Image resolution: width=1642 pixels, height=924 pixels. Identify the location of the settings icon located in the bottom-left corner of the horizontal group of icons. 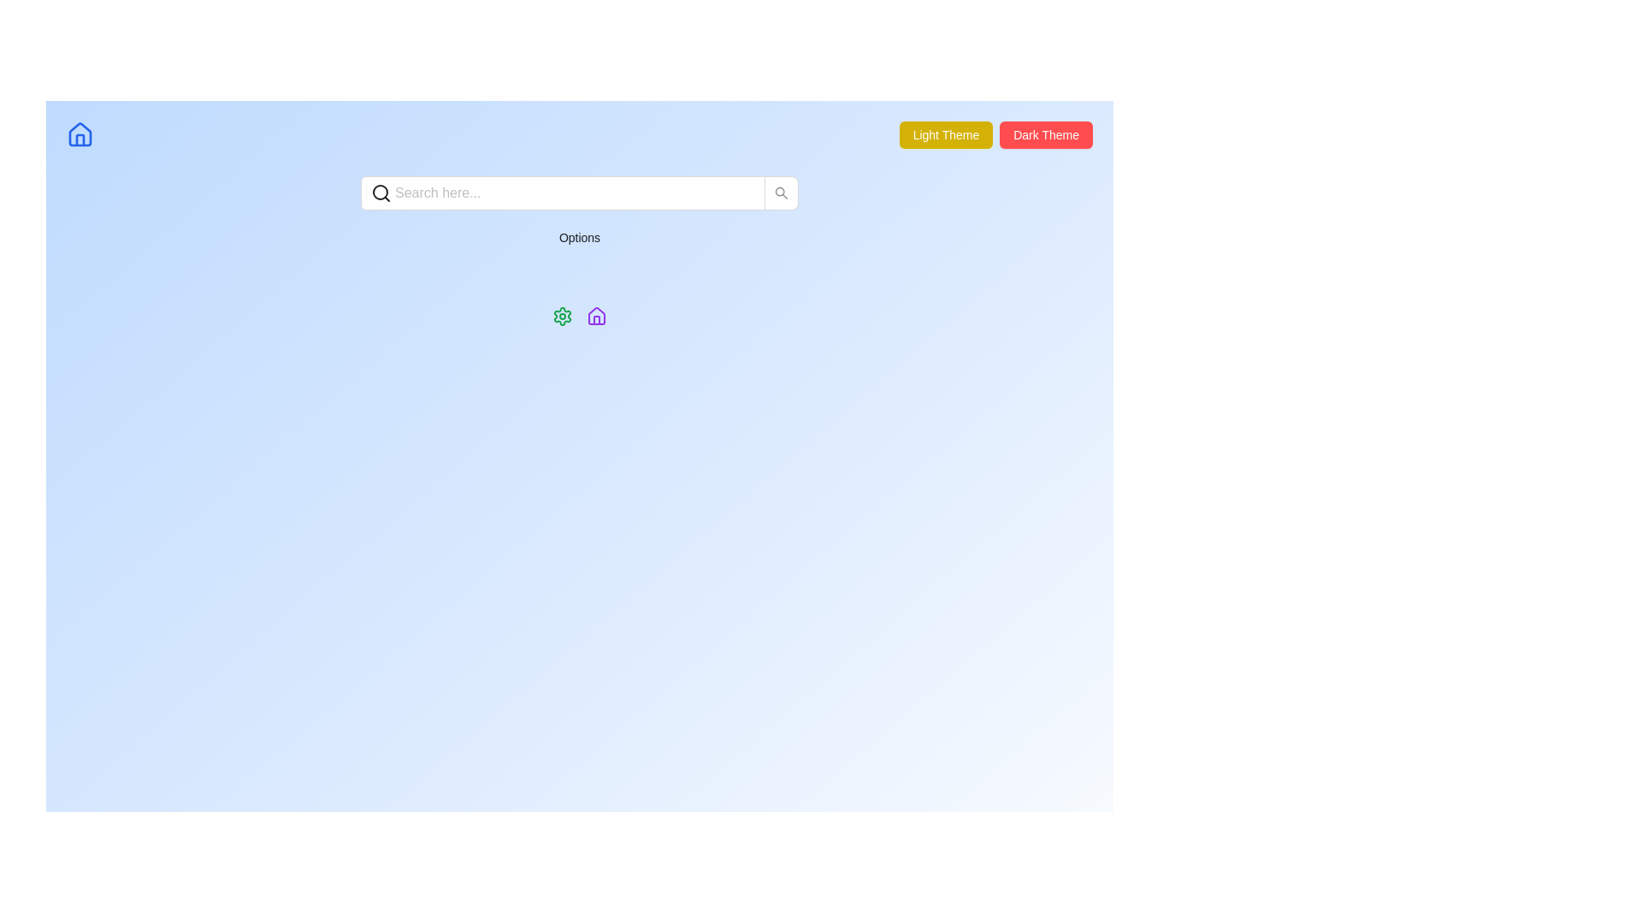
(562, 317).